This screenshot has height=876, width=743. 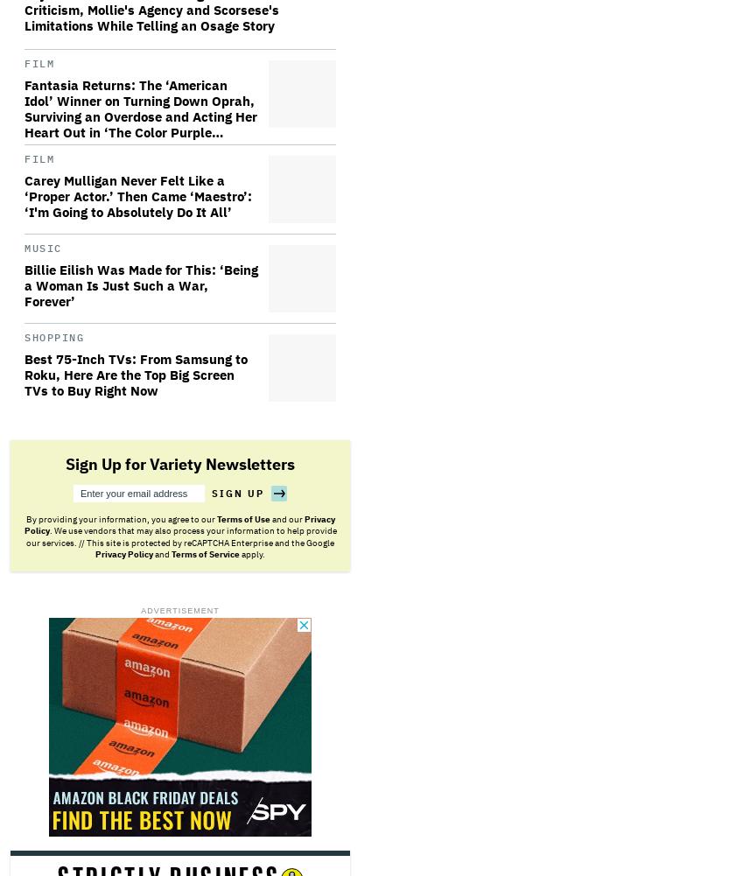 I want to click on 'and our', so click(x=285, y=518).